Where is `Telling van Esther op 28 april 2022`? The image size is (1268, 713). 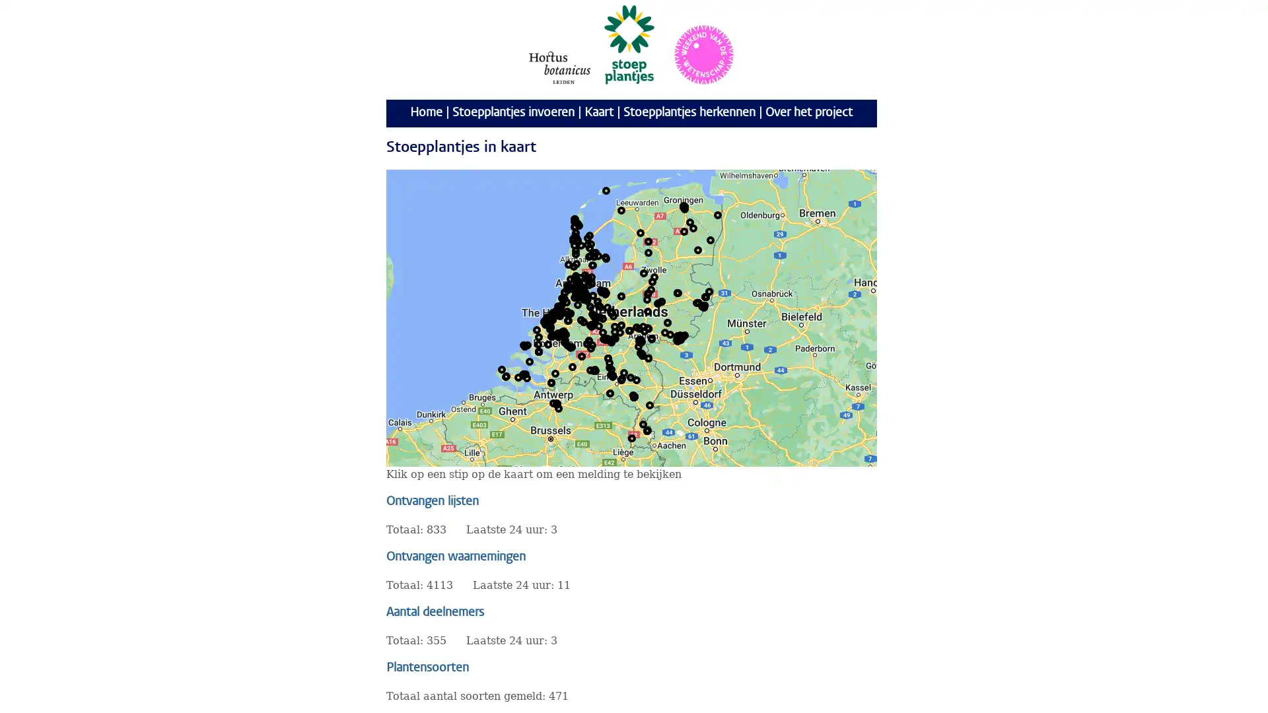
Telling van Esther op 28 april 2022 is located at coordinates (654, 276).